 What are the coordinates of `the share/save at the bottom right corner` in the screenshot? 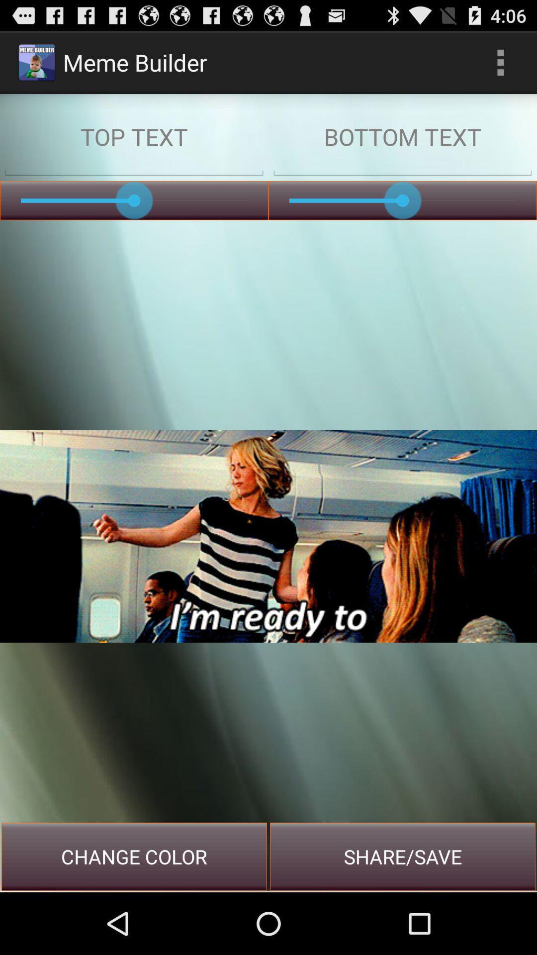 It's located at (403, 856).